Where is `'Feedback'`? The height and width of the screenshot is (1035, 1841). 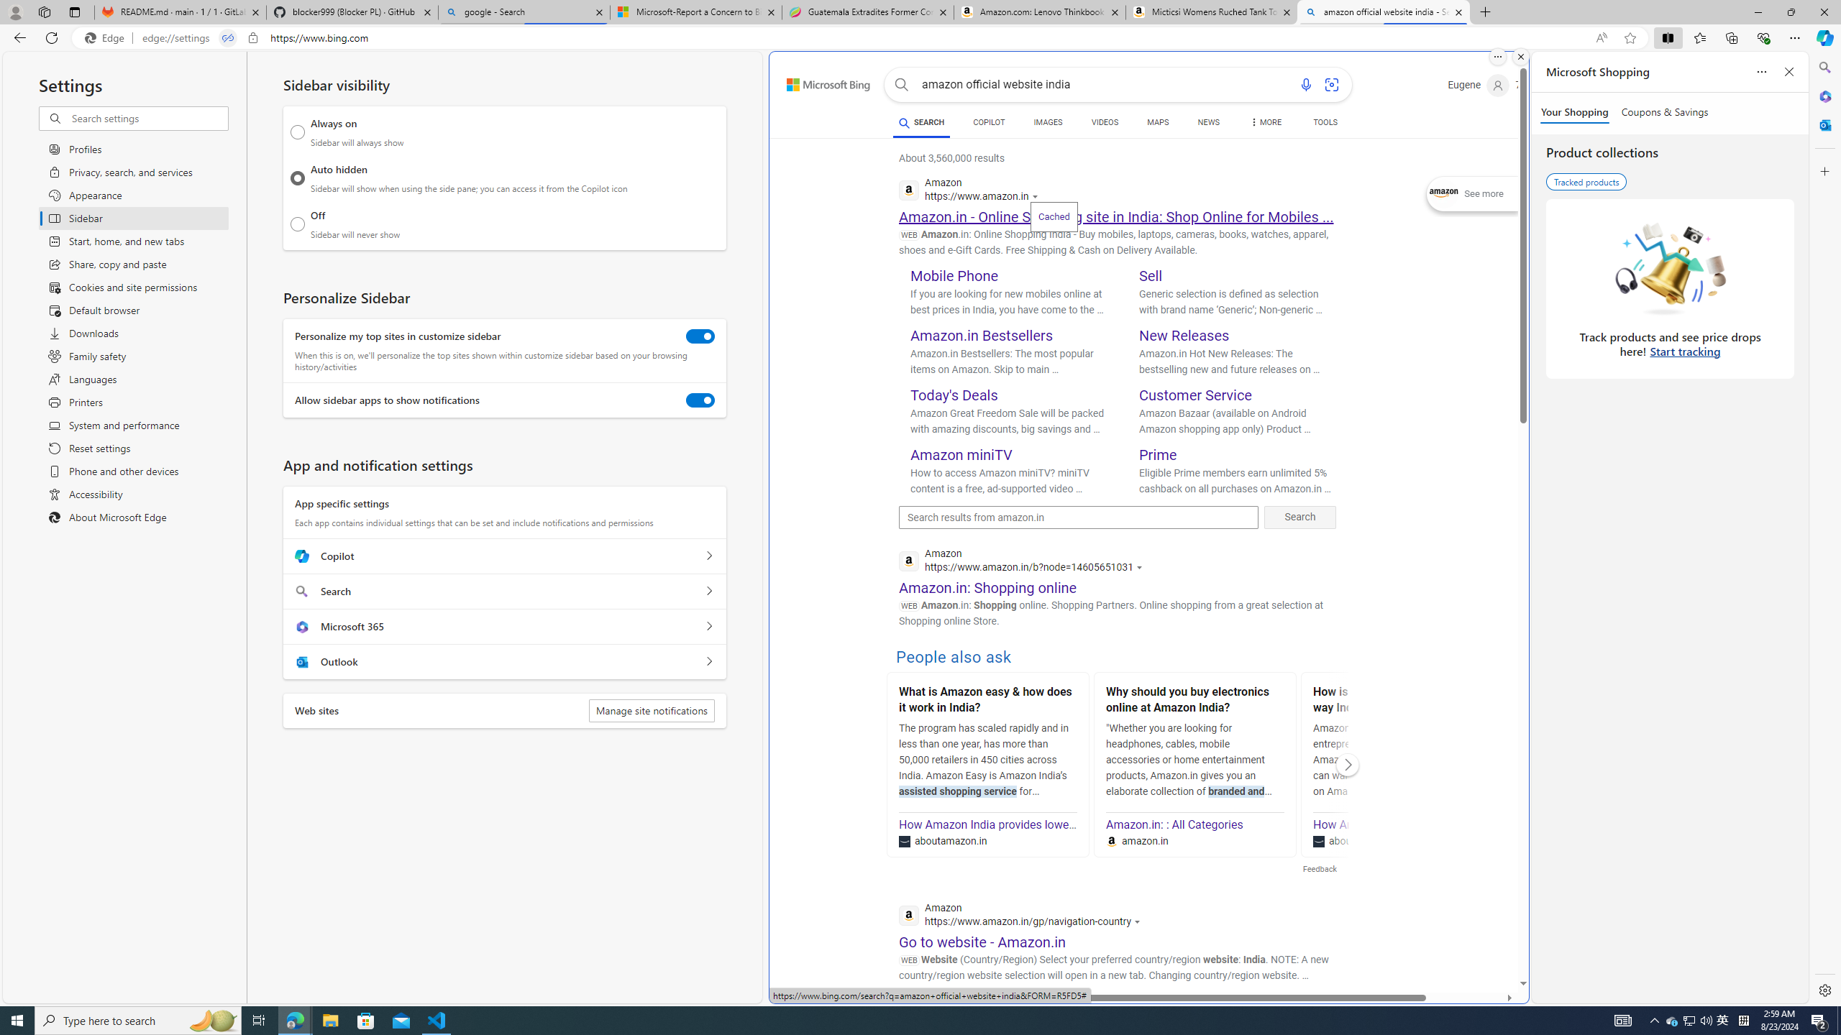
'Feedback' is located at coordinates (1319, 869).